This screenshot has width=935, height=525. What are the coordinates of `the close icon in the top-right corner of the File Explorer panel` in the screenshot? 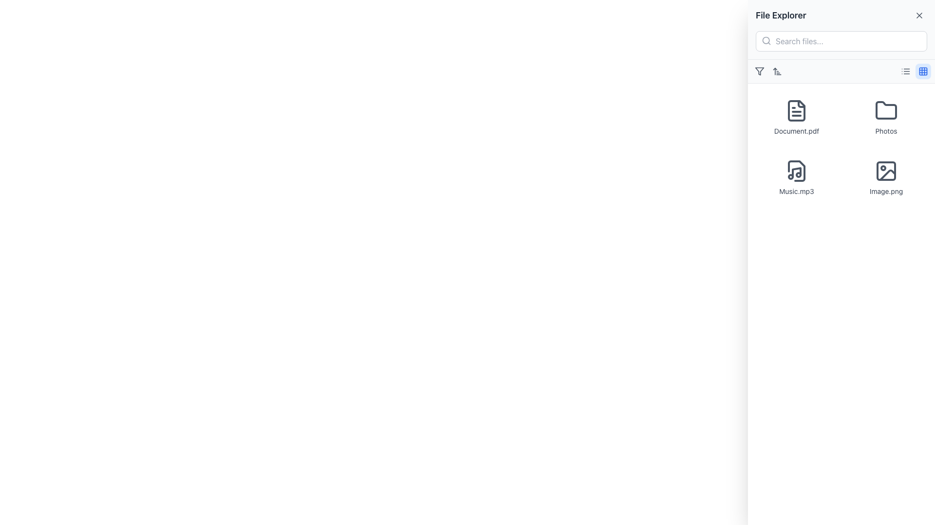 It's located at (918, 15).